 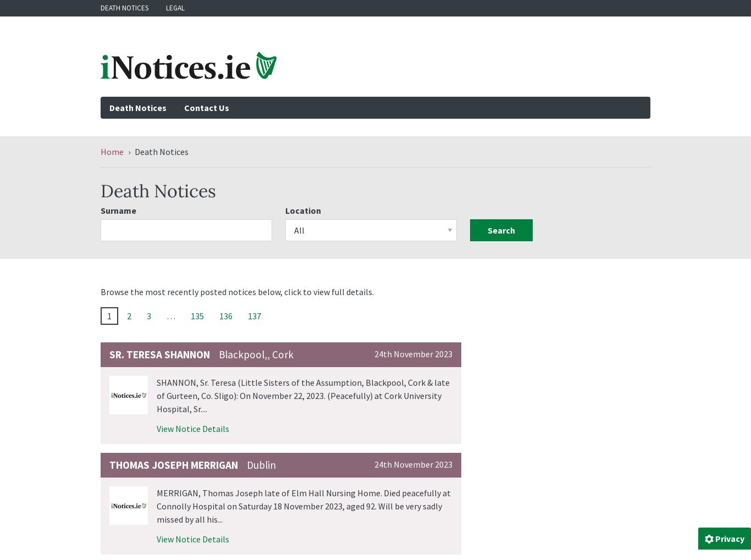 What do you see at coordinates (100, 152) in the screenshot?
I see `'Home'` at bounding box center [100, 152].